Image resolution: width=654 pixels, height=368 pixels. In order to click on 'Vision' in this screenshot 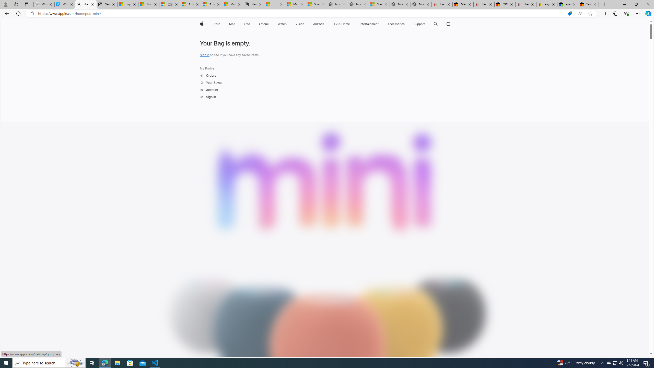, I will do `click(300, 24)`.